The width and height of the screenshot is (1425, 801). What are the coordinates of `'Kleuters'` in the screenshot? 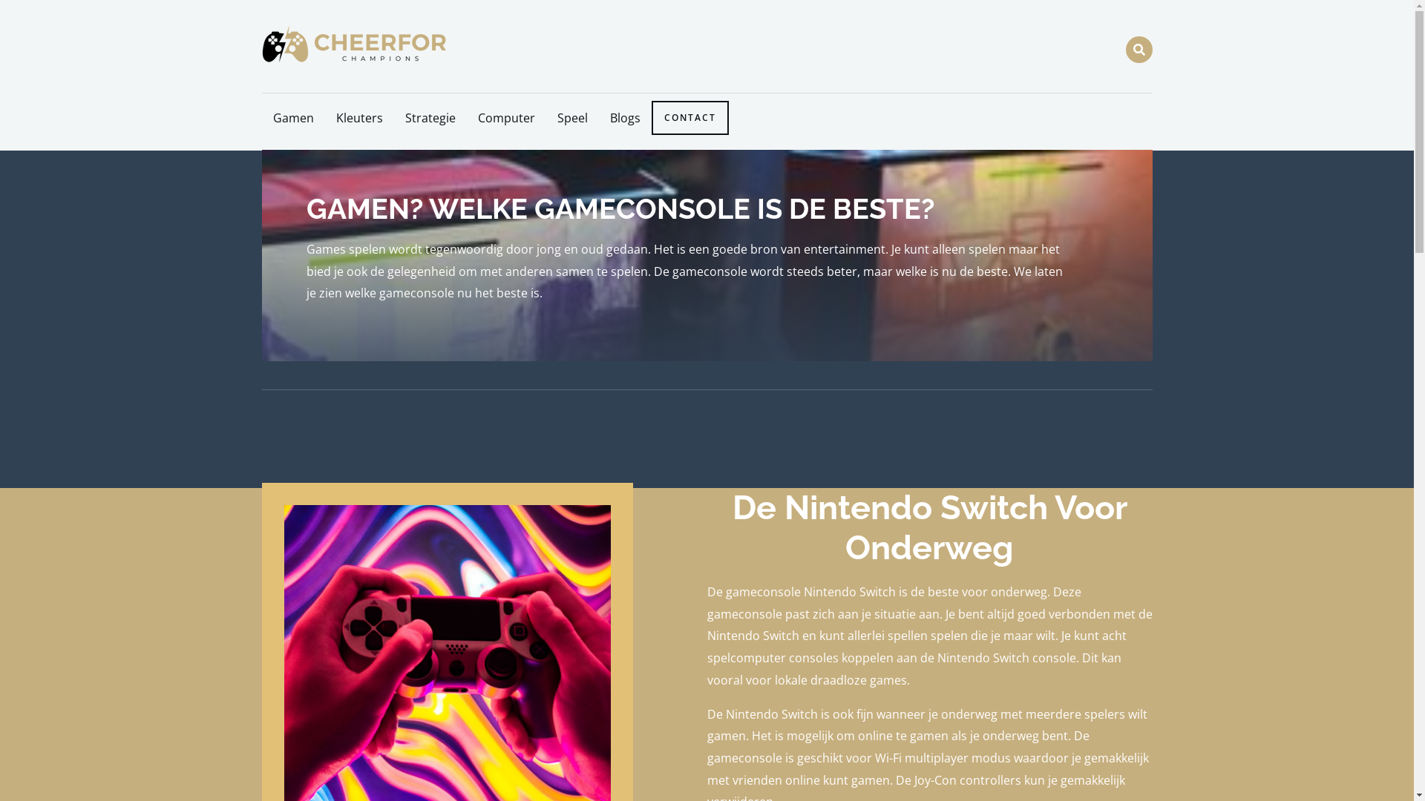 It's located at (359, 116).